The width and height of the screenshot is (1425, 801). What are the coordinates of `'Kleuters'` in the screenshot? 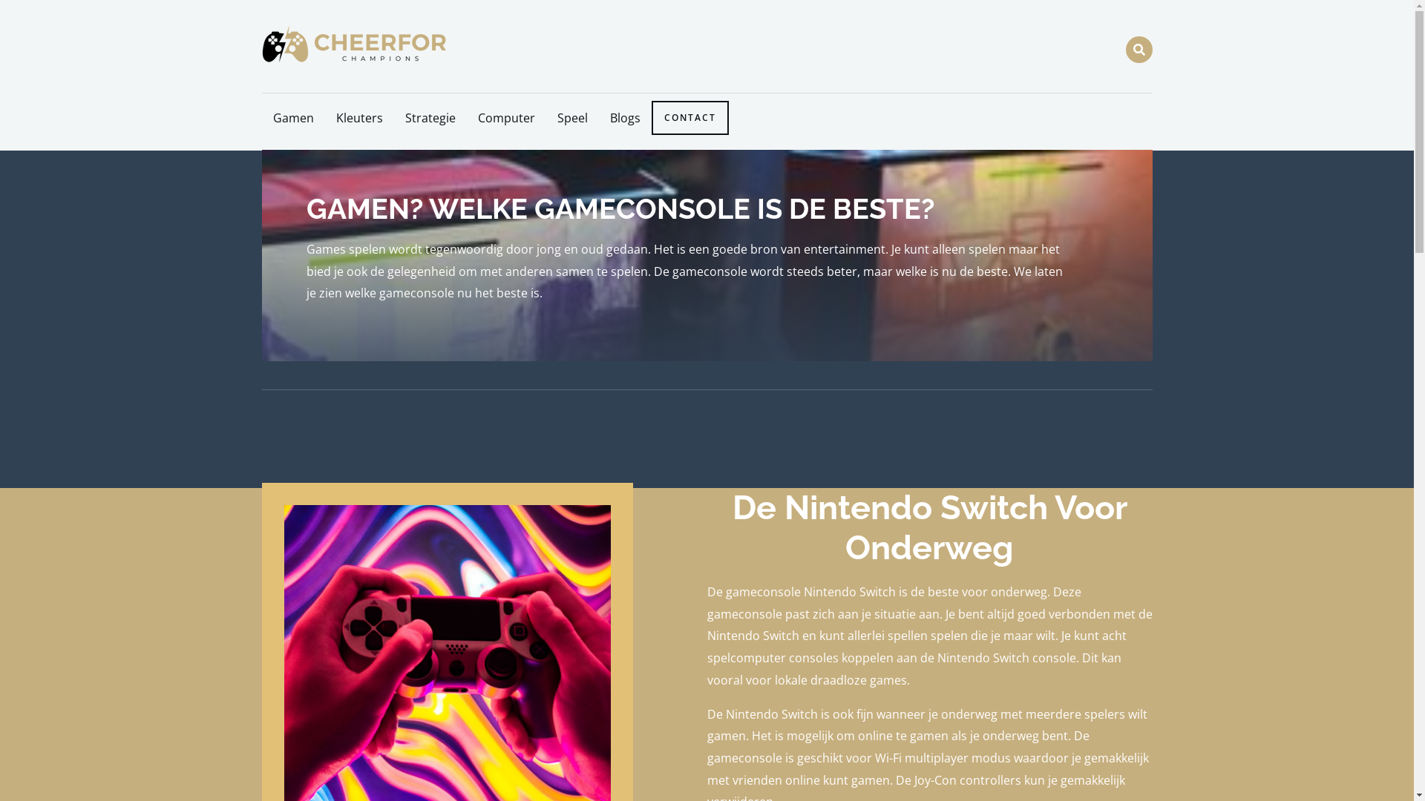 It's located at (359, 116).